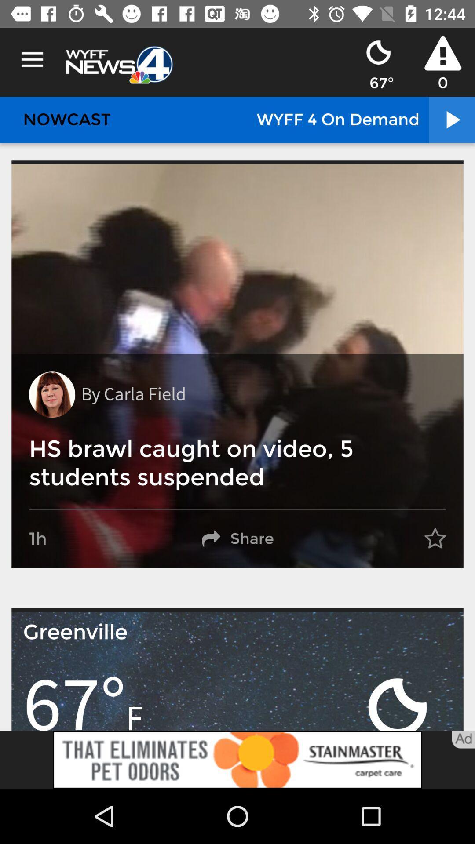 Image resolution: width=475 pixels, height=844 pixels. I want to click on the menu icon, so click(32, 59).